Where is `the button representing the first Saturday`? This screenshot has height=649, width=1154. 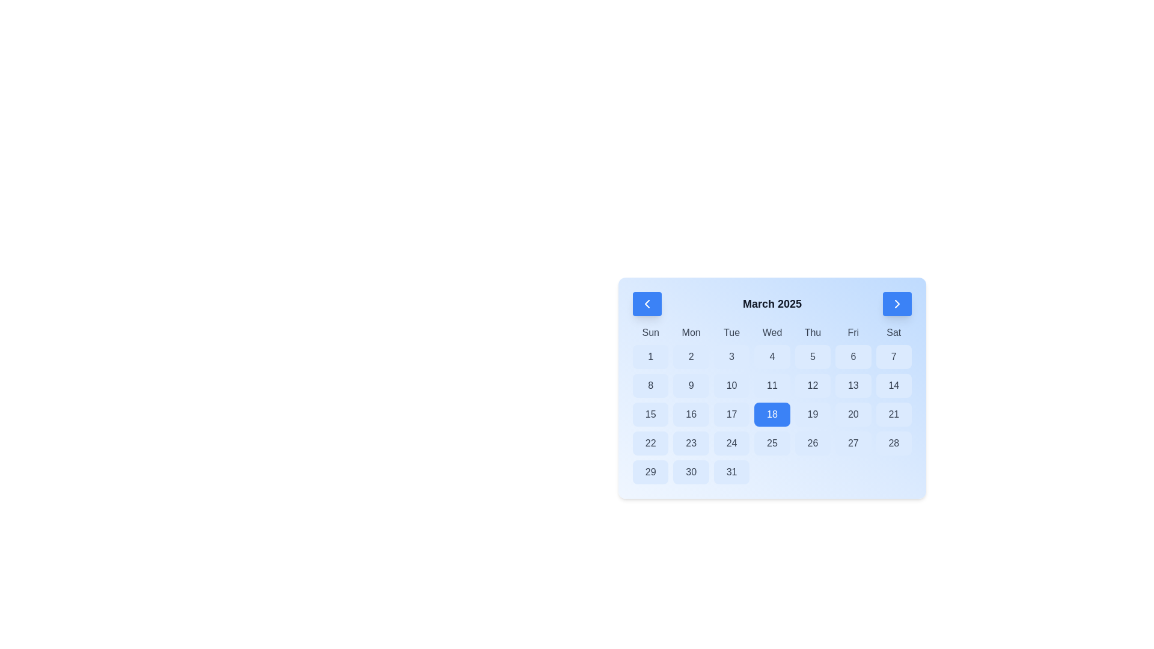
the button representing the first Saturday is located at coordinates (894, 356).